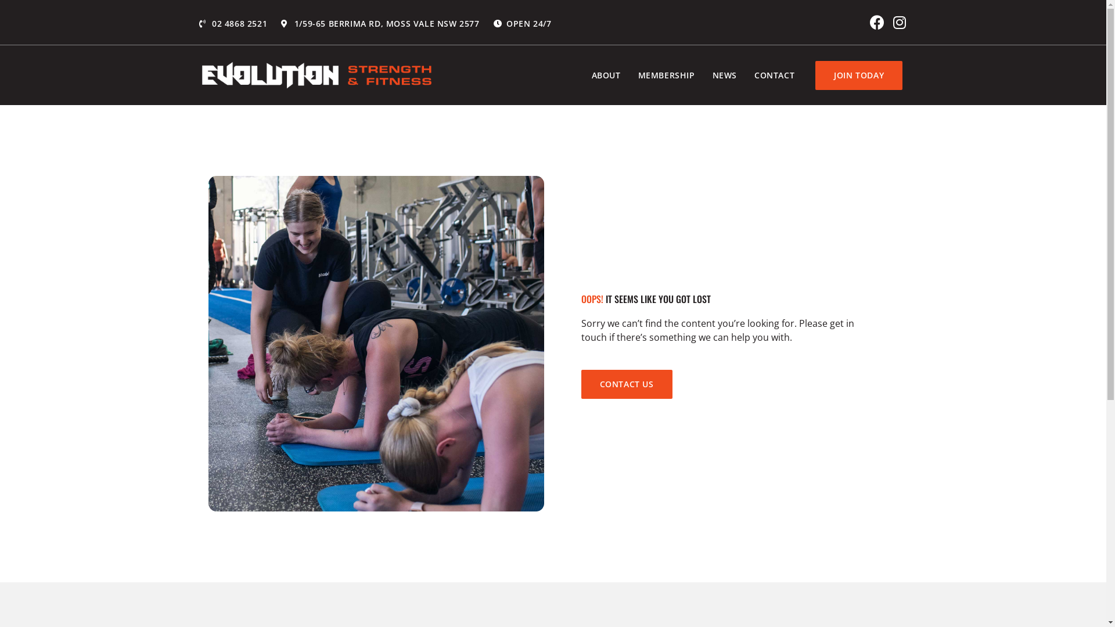  What do you see at coordinates (625, 384) in the screenshot?
I see `'CONTACT US'` at bounding box center [625, 384].